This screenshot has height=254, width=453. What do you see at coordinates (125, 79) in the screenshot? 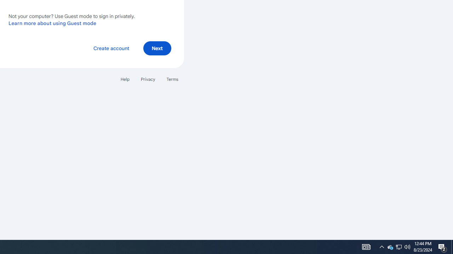
I see `'Help'` at bounding box center [125, 79].